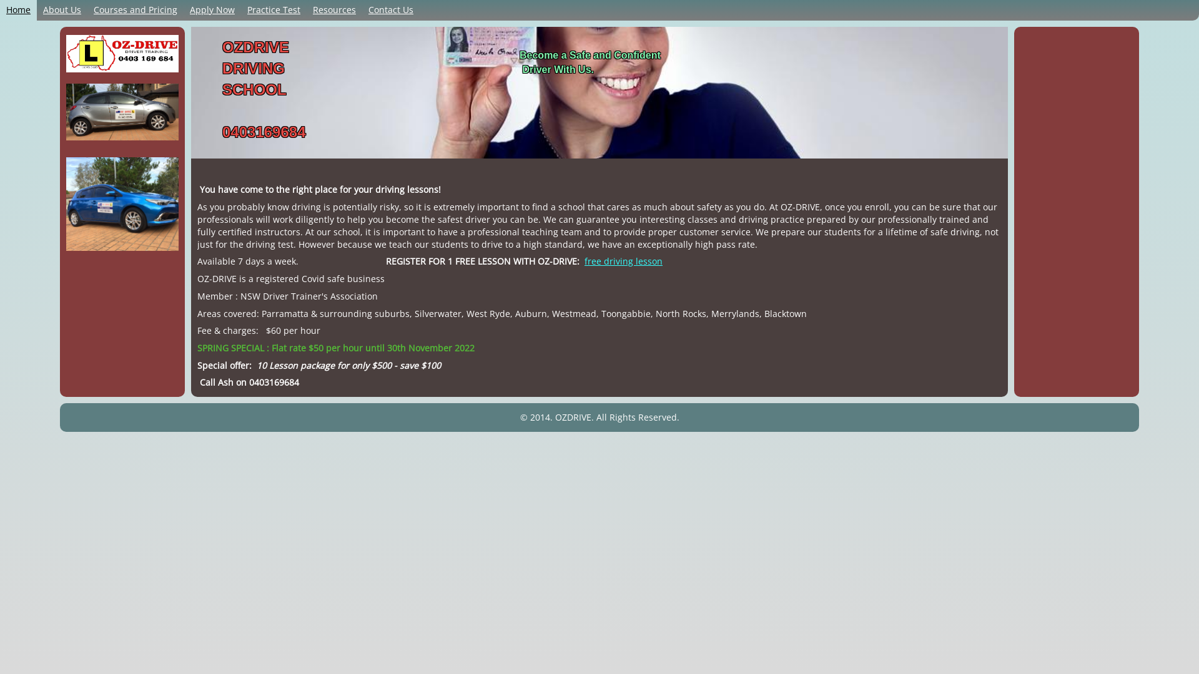 The image size is (1199, 674). I want to click on 'Contact Us', so click(390, 10).